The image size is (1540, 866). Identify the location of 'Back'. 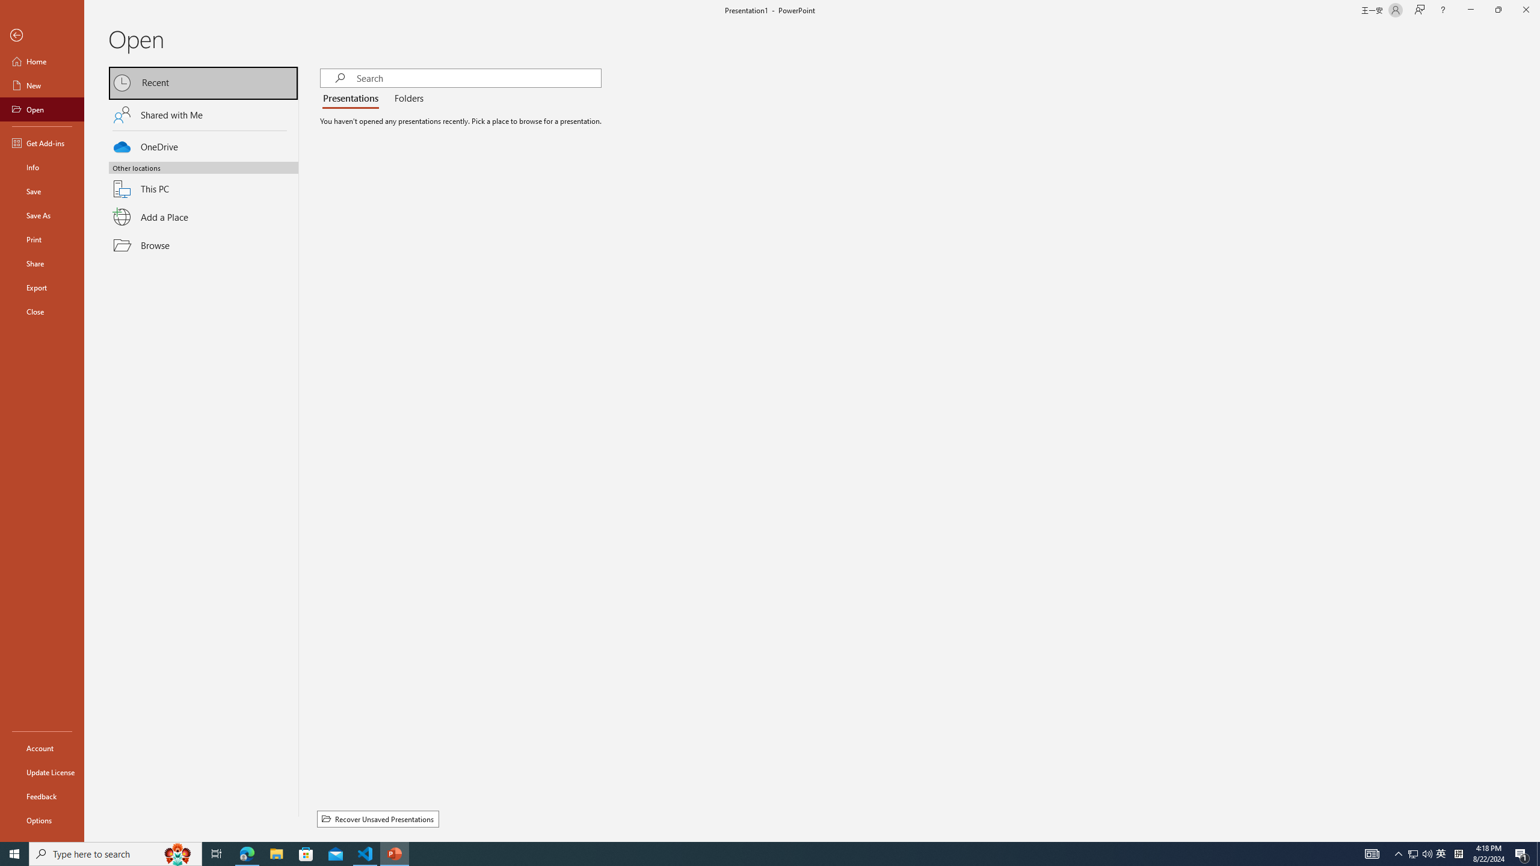
(42, 35).